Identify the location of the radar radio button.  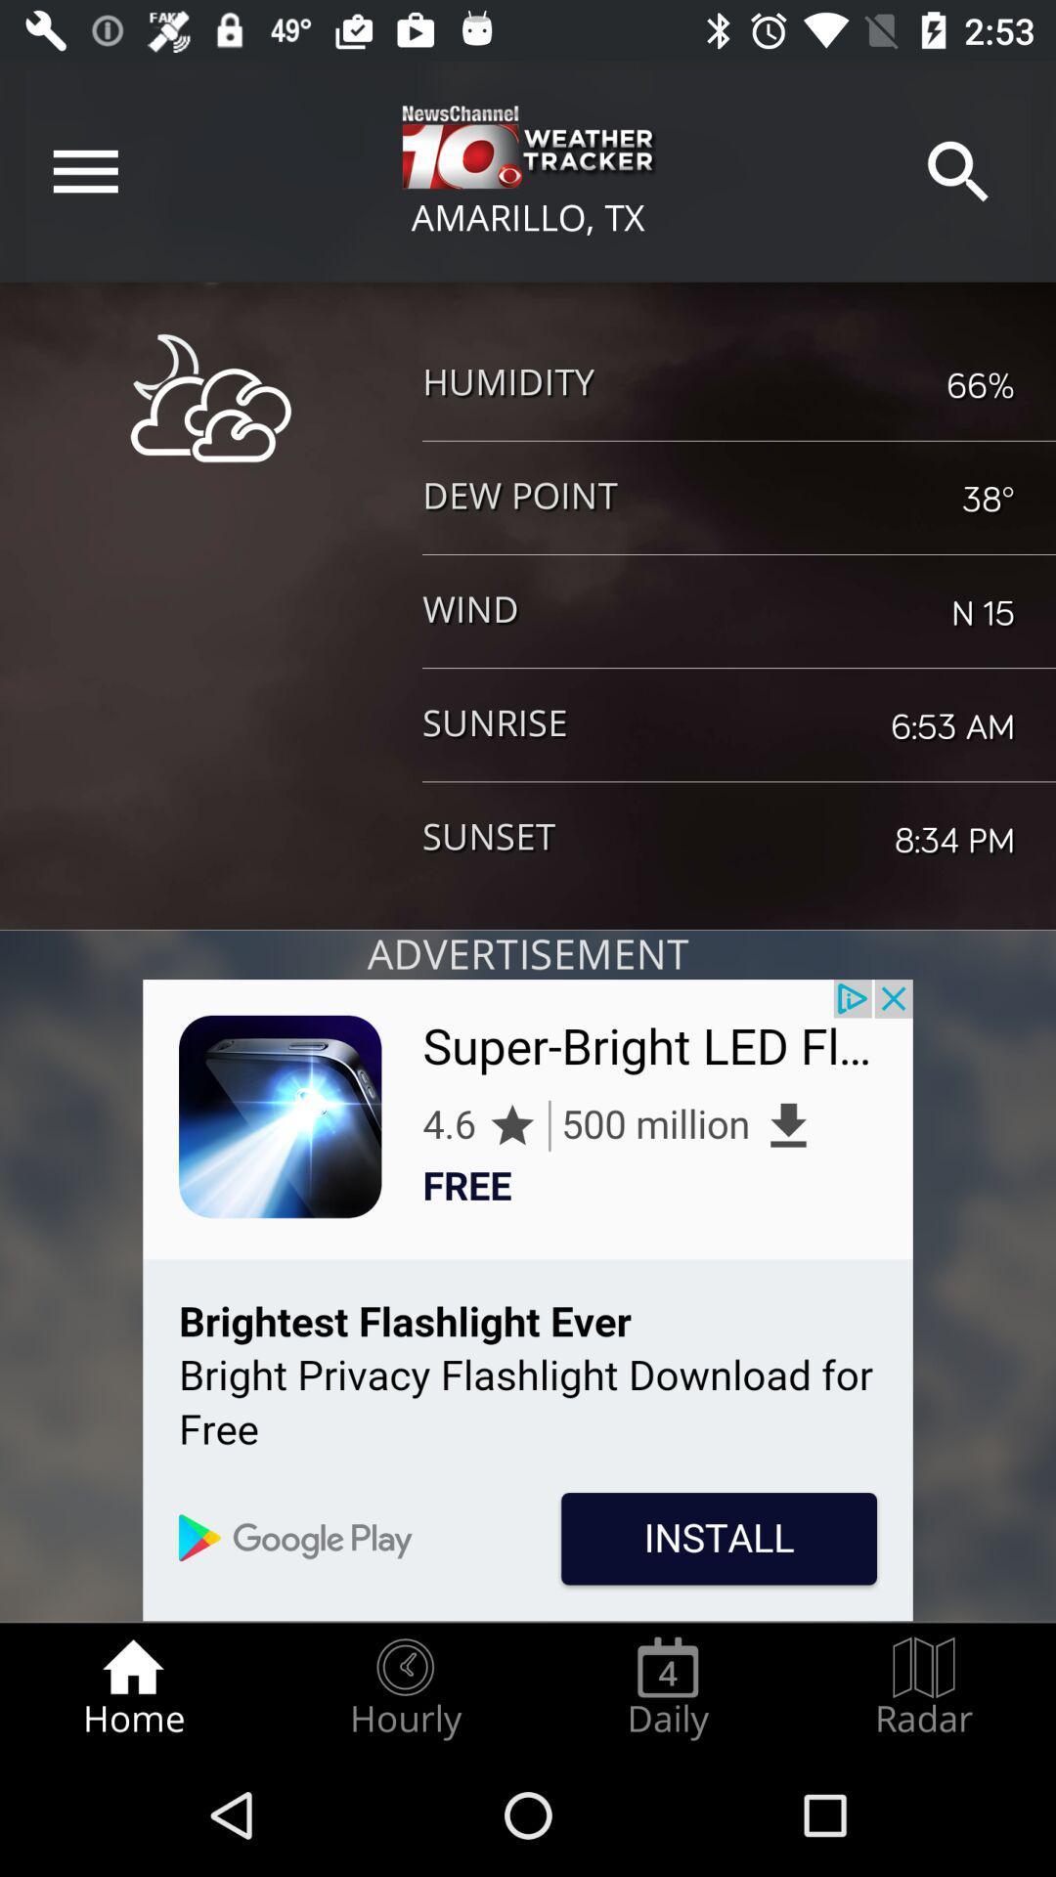
(924, 1687).